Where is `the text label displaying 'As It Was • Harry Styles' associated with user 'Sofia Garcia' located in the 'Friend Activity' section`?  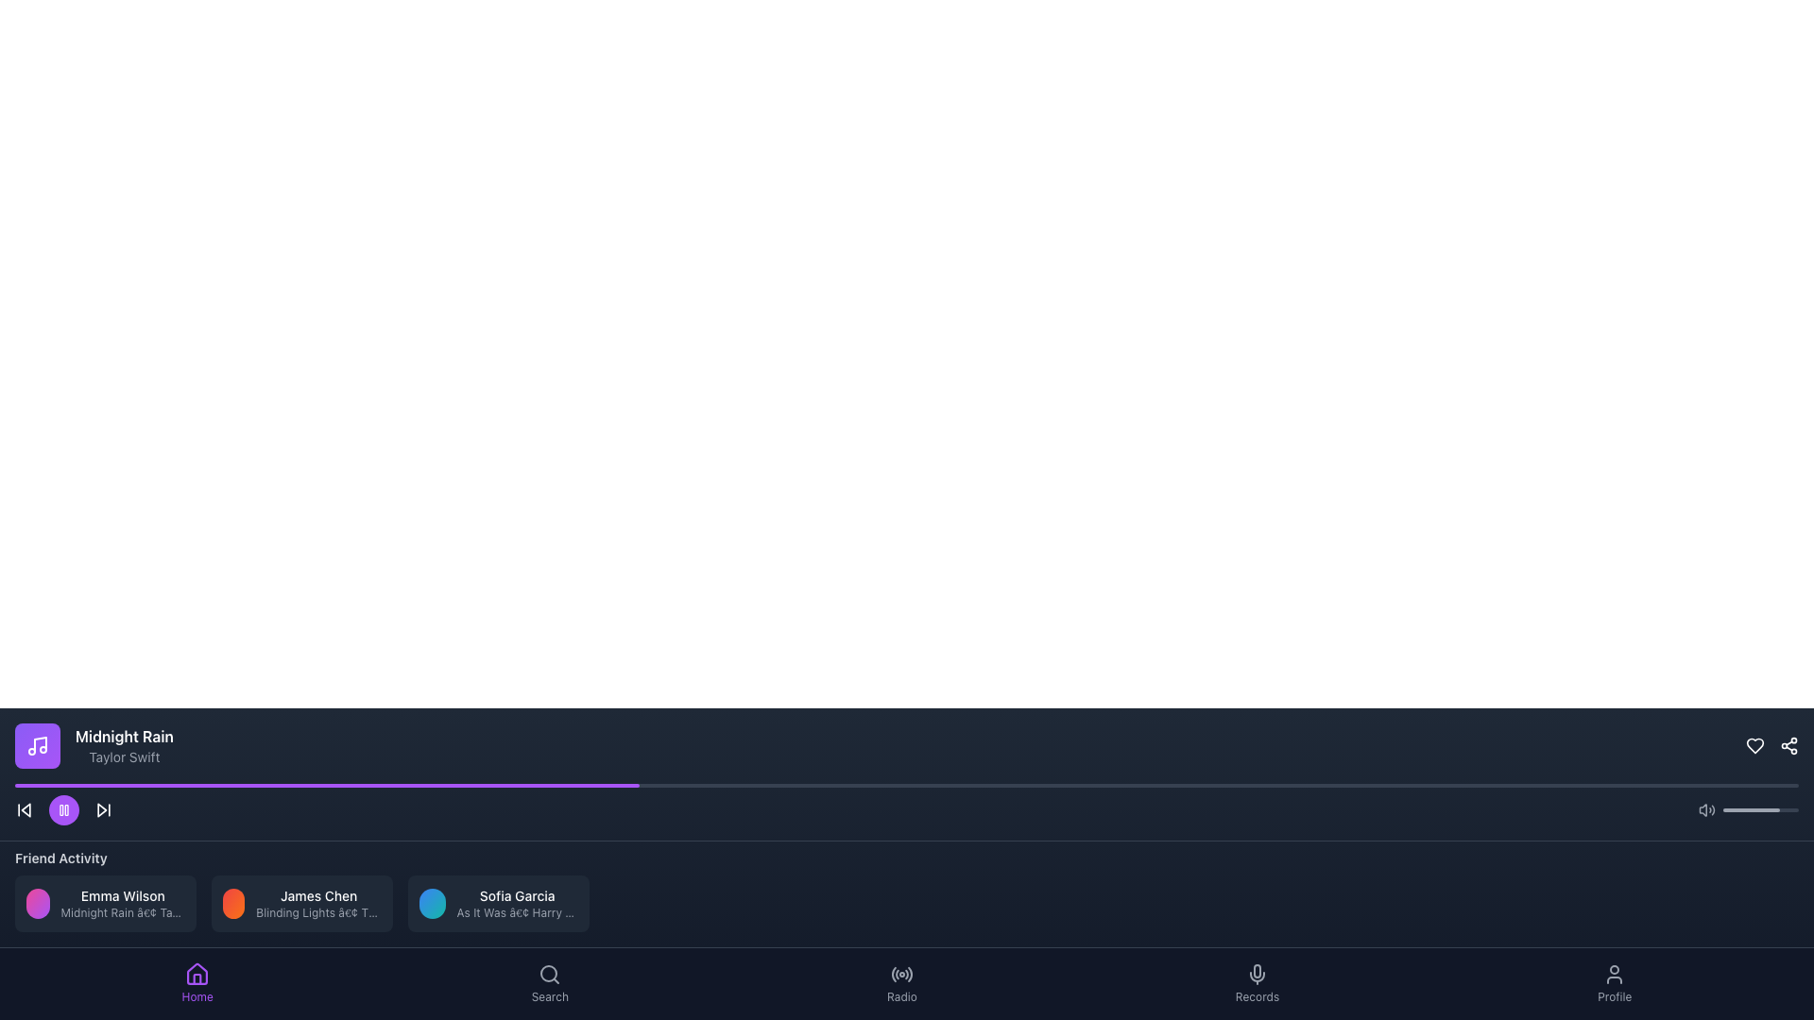
the text label displaying 'As It Was • Harry Styles' associated with user 'Sofia Garcia' located in the 'Friend Activity' section is located at coordinates (517, 912).